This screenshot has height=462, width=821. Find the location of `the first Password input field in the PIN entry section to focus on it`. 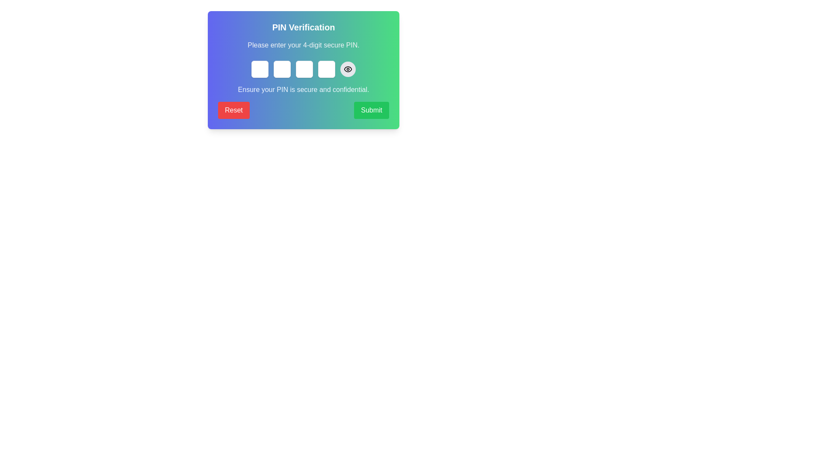

the first Password input field in the PIN entry section to focus on it is located at coordinates (260, 69).